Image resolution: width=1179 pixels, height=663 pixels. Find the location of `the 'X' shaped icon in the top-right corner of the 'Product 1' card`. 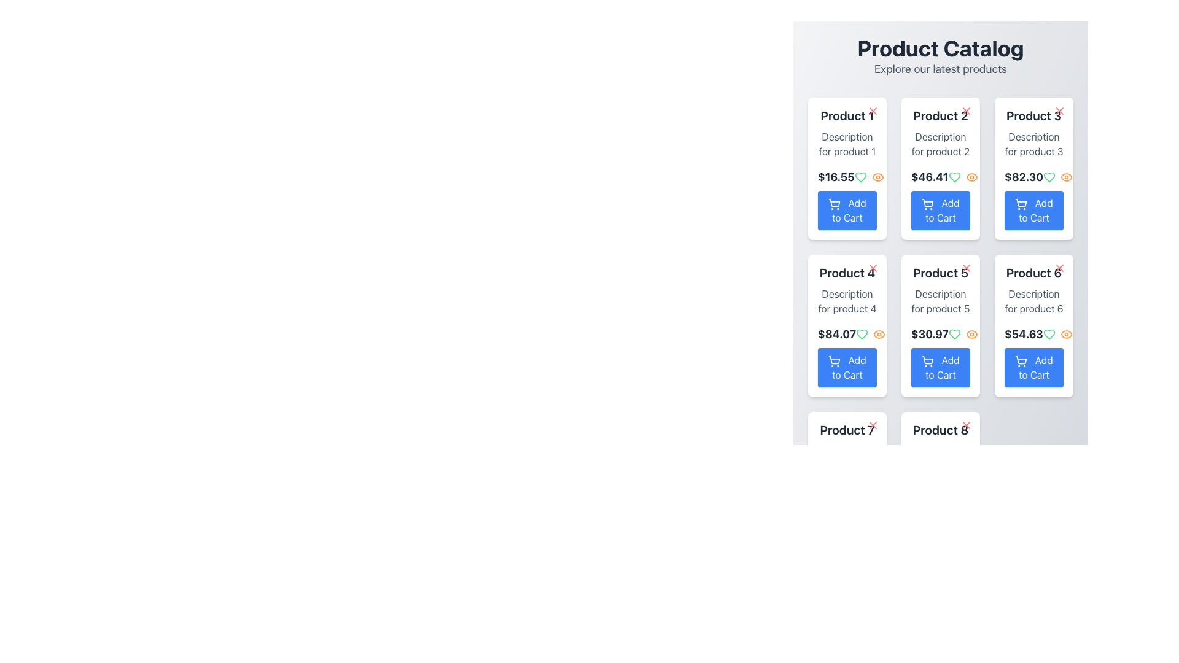

the 'X' shaped icon in the top-right corner of the 'Product 1' card is located at coordinates (872, 111).